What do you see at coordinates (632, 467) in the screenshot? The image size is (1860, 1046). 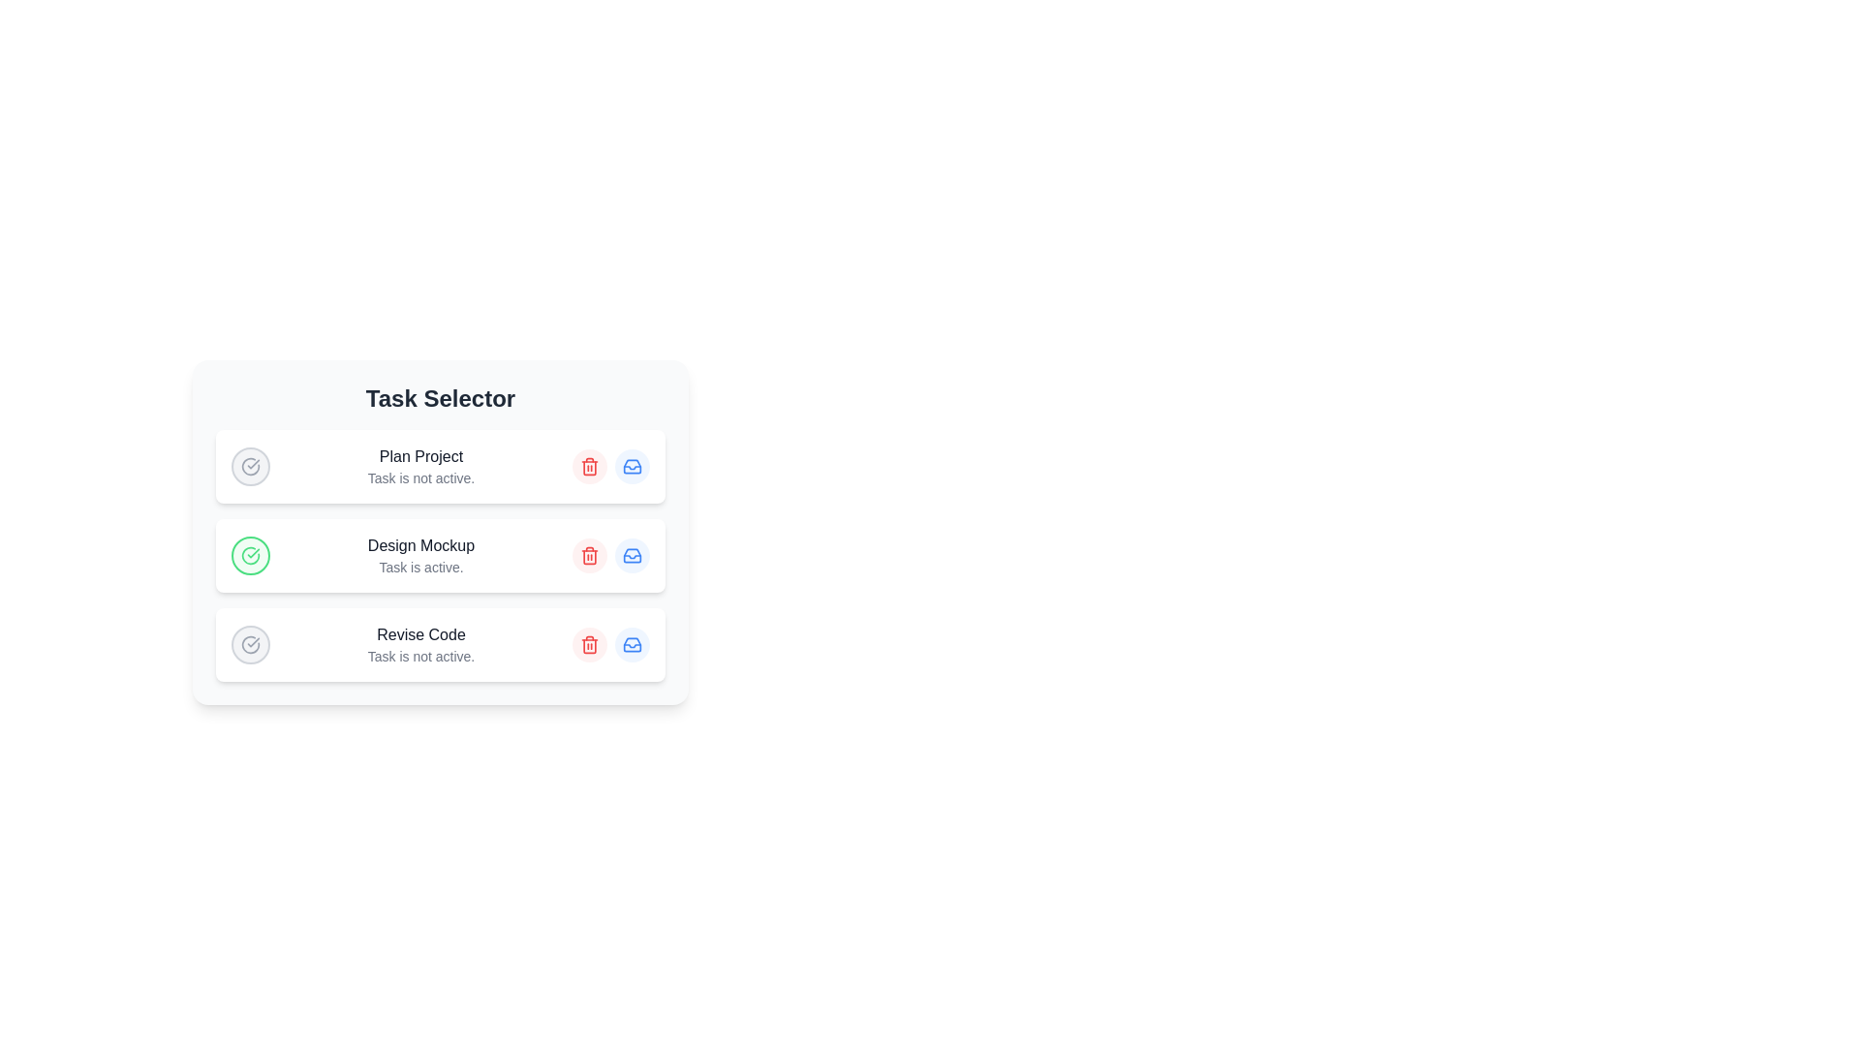 I see `the inbox icon with a blue outline located in the third column of the first row under the 'Task Selector' section` at bounding box center [632, 467].